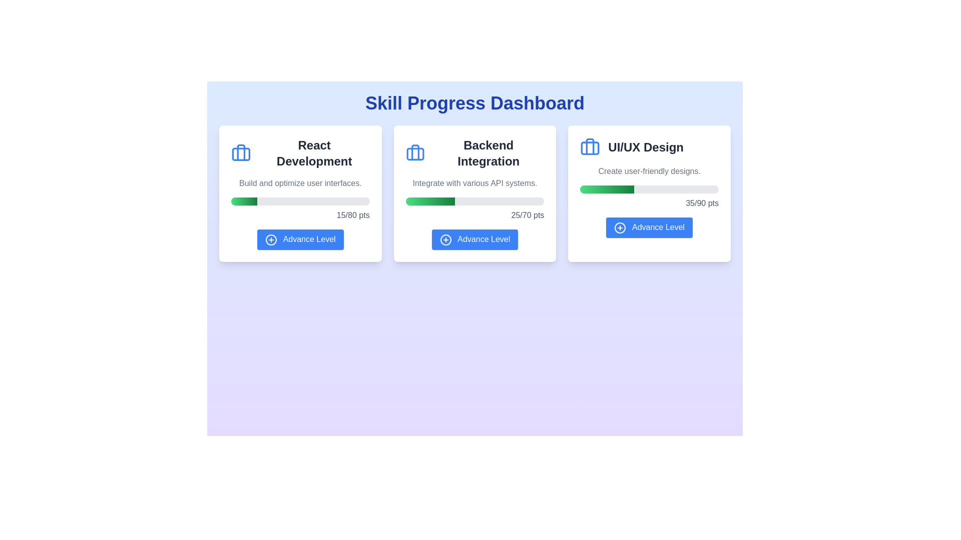  What do you see at coordinates (474, 183) in the screenshot?
I see `the static text element that reads 'Integrate with various API systems.' located in the middle card under the 'Backend Integration' header` at bounding box center [474, 183].